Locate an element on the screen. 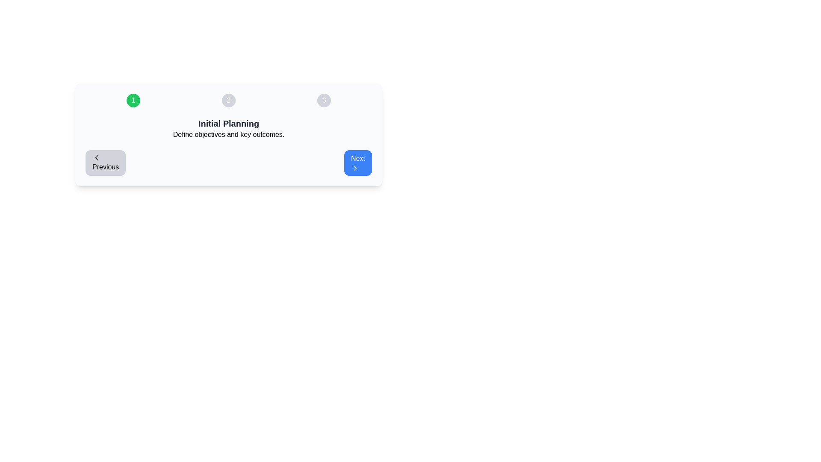  the text element displaying 'Define objectives and key outcomes.' which is centrally aligned below the heading 'Initial Planning' is located at coordinates (228, 135).